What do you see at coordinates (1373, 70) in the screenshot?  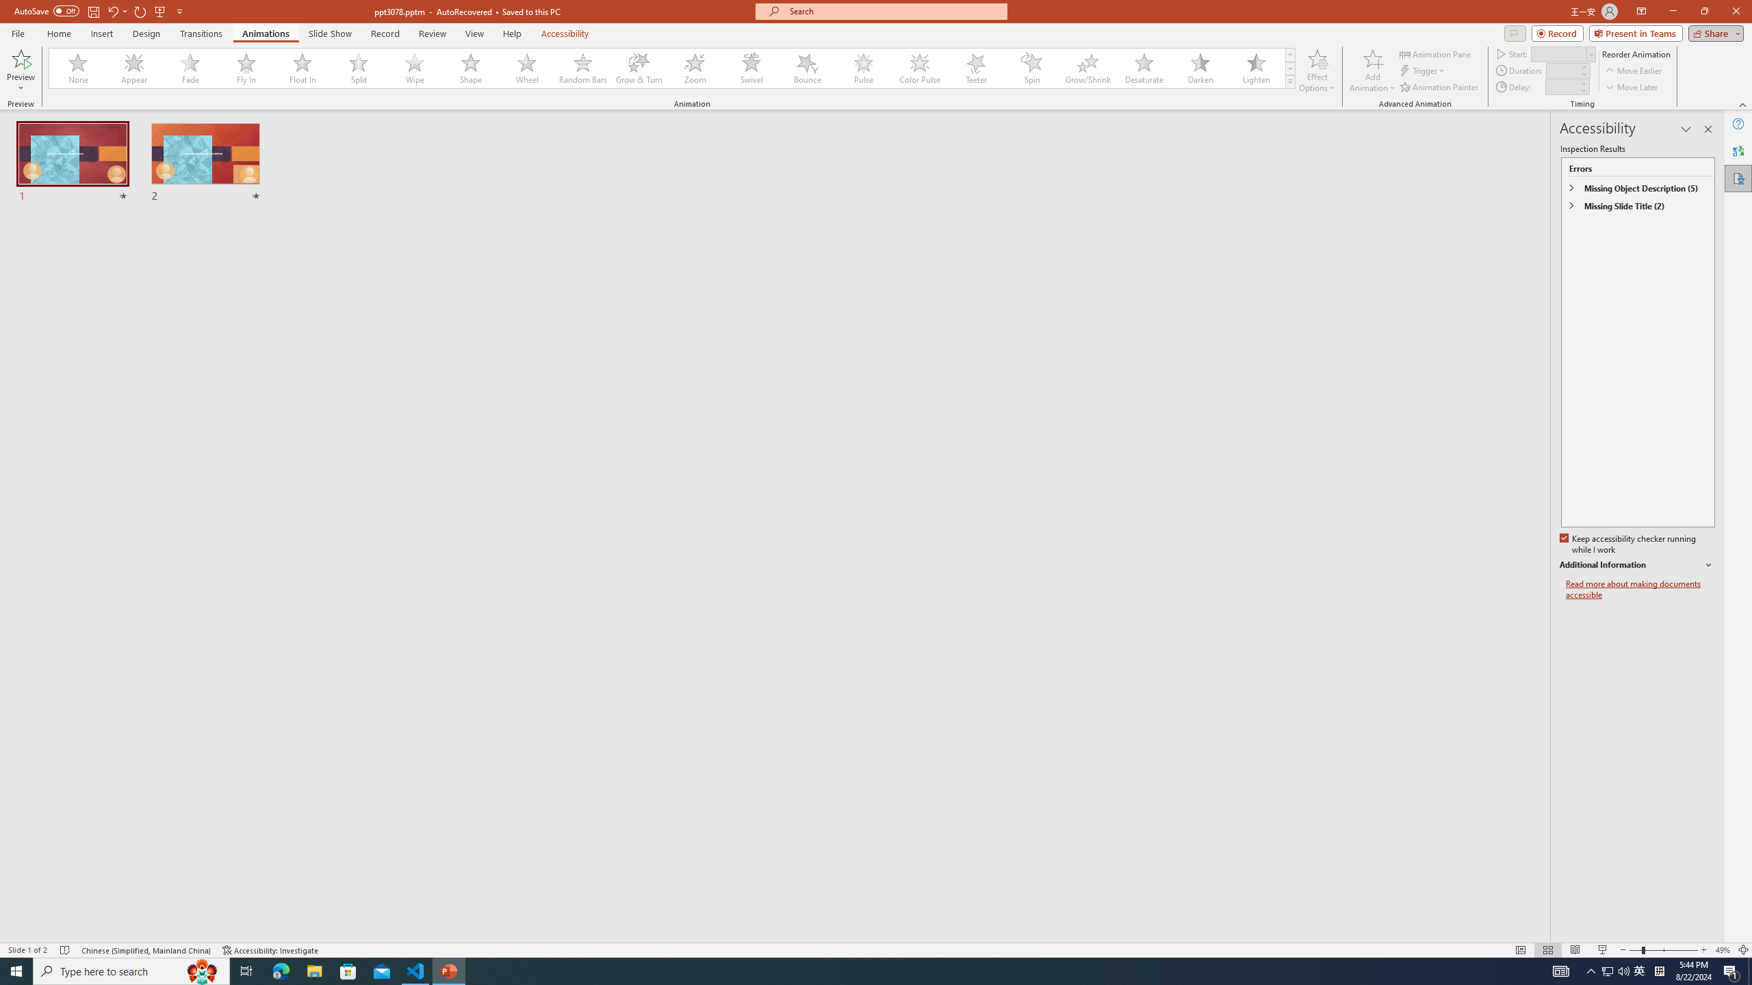 I see `'Add Animation'` at bounding box center [1373, 70].